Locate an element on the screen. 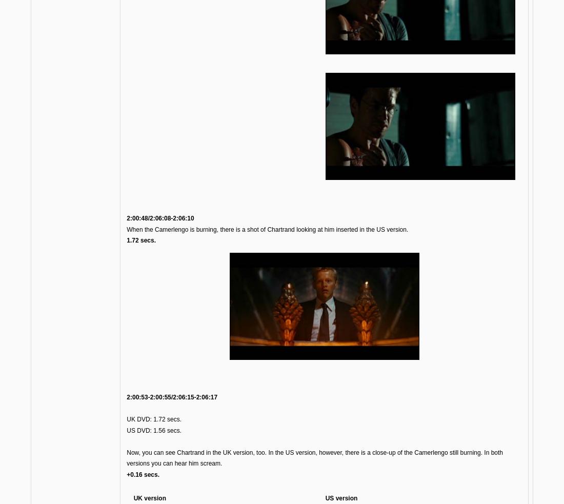 The image size is (564, 504). '+0.16 secs.' is located at coordinates (126, 474).